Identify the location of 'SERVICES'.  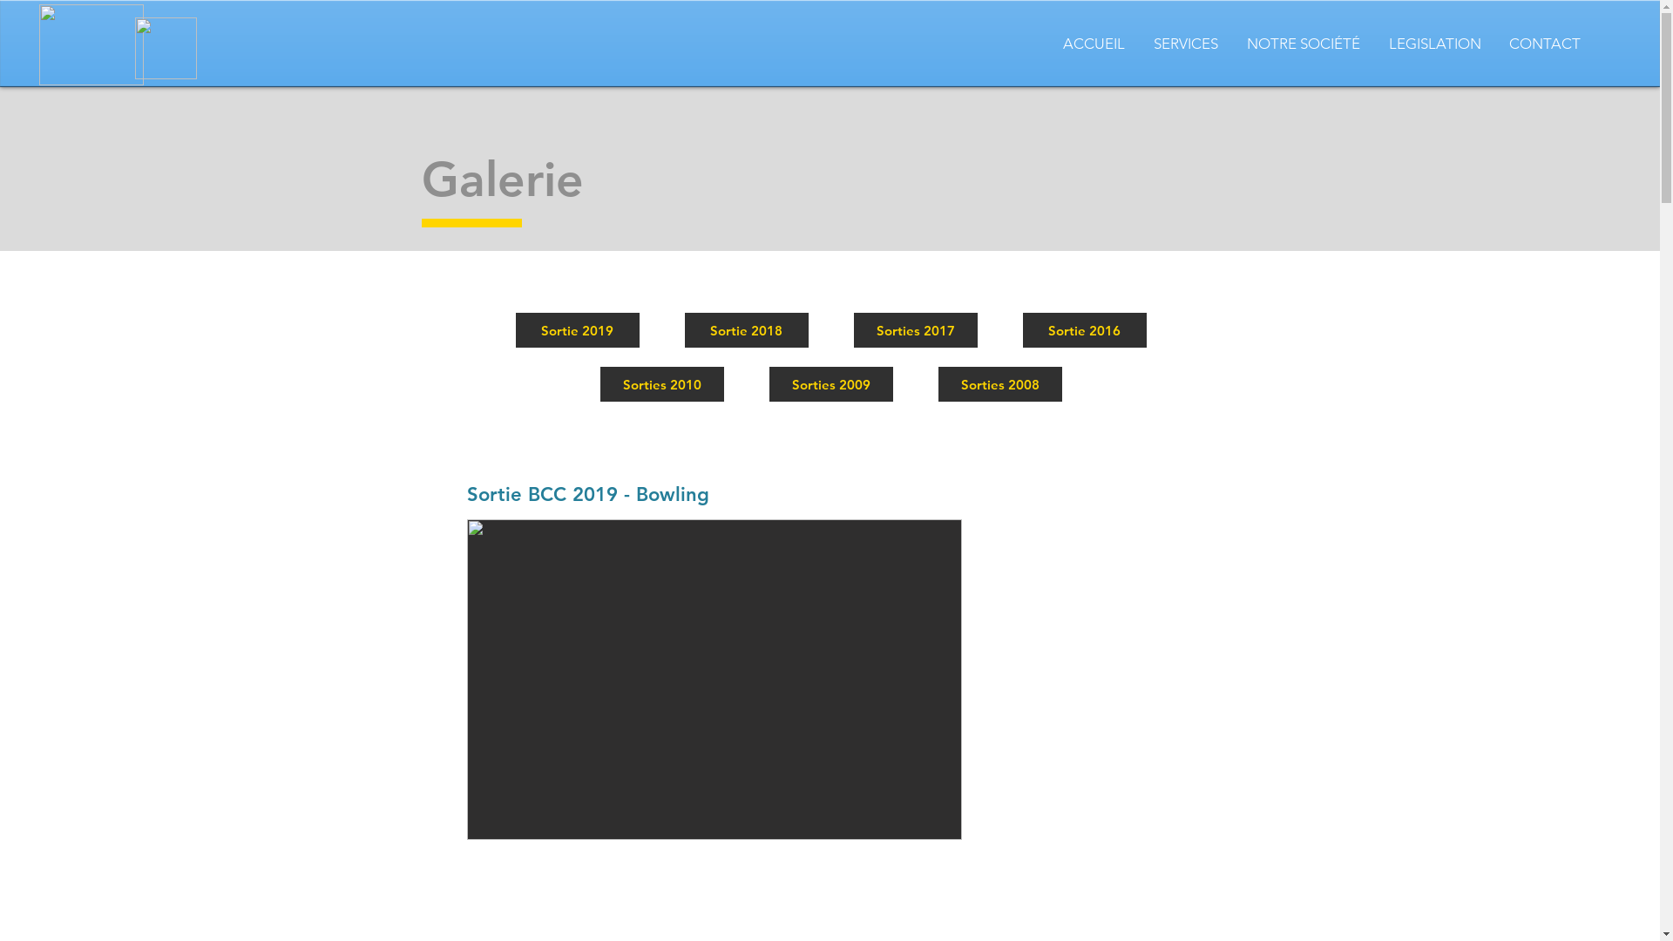
(1138, 43).